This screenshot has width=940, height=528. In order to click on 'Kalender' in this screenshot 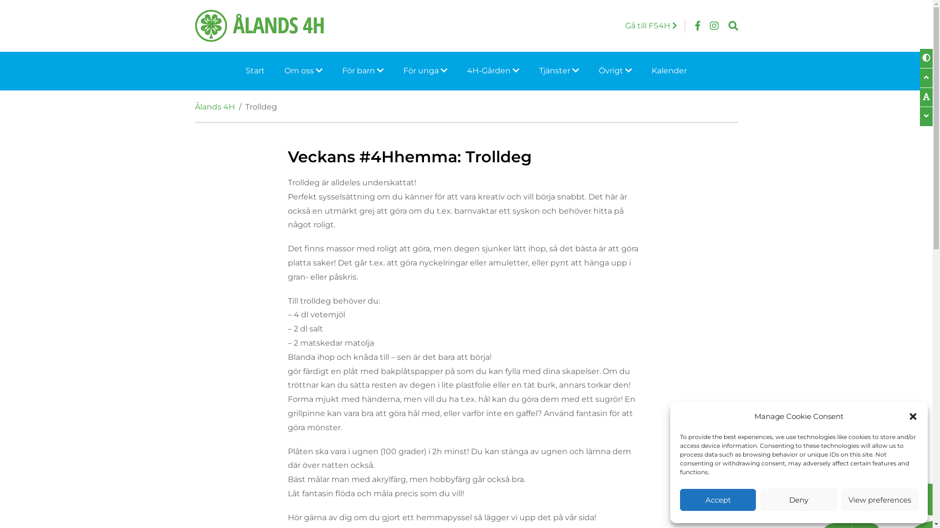, I will do `click(669, 70)`.